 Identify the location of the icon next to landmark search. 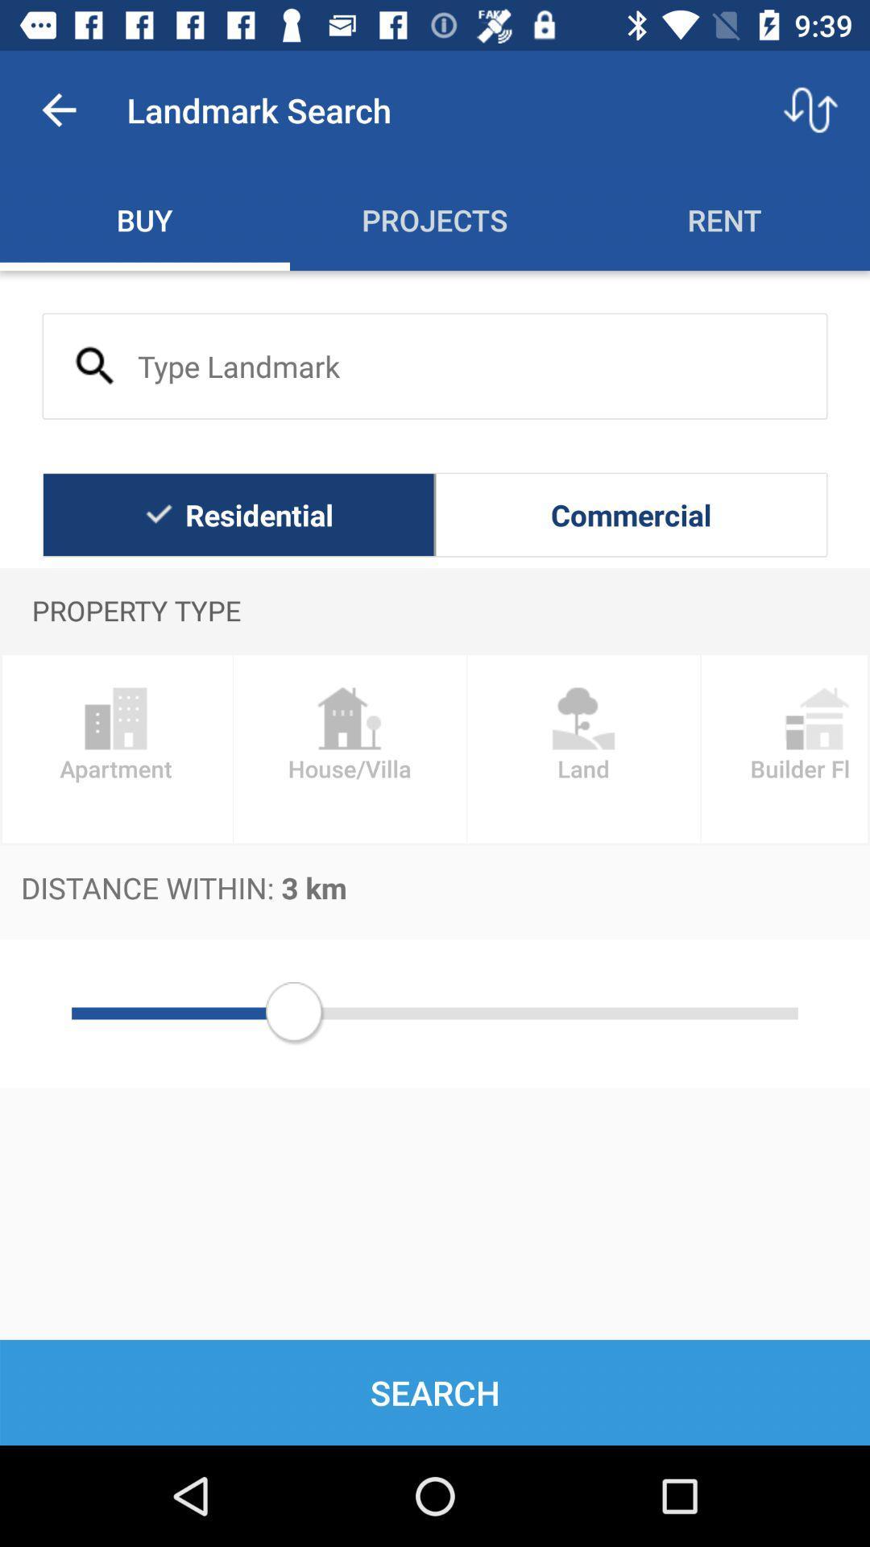
(58, 109).